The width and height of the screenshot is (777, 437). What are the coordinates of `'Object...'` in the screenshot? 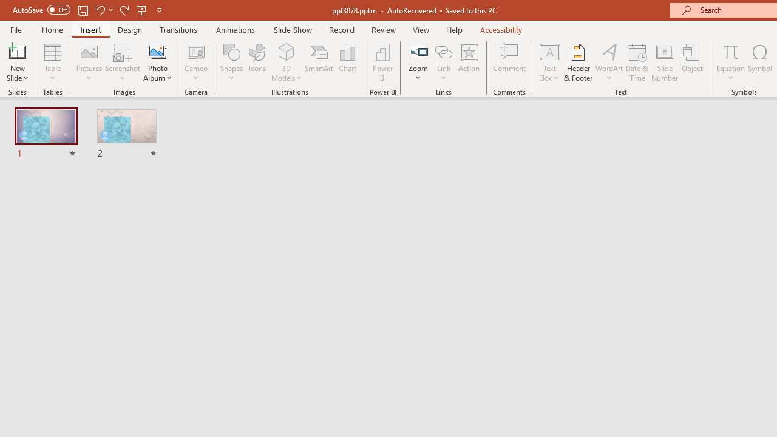 It's located at (693, 63).